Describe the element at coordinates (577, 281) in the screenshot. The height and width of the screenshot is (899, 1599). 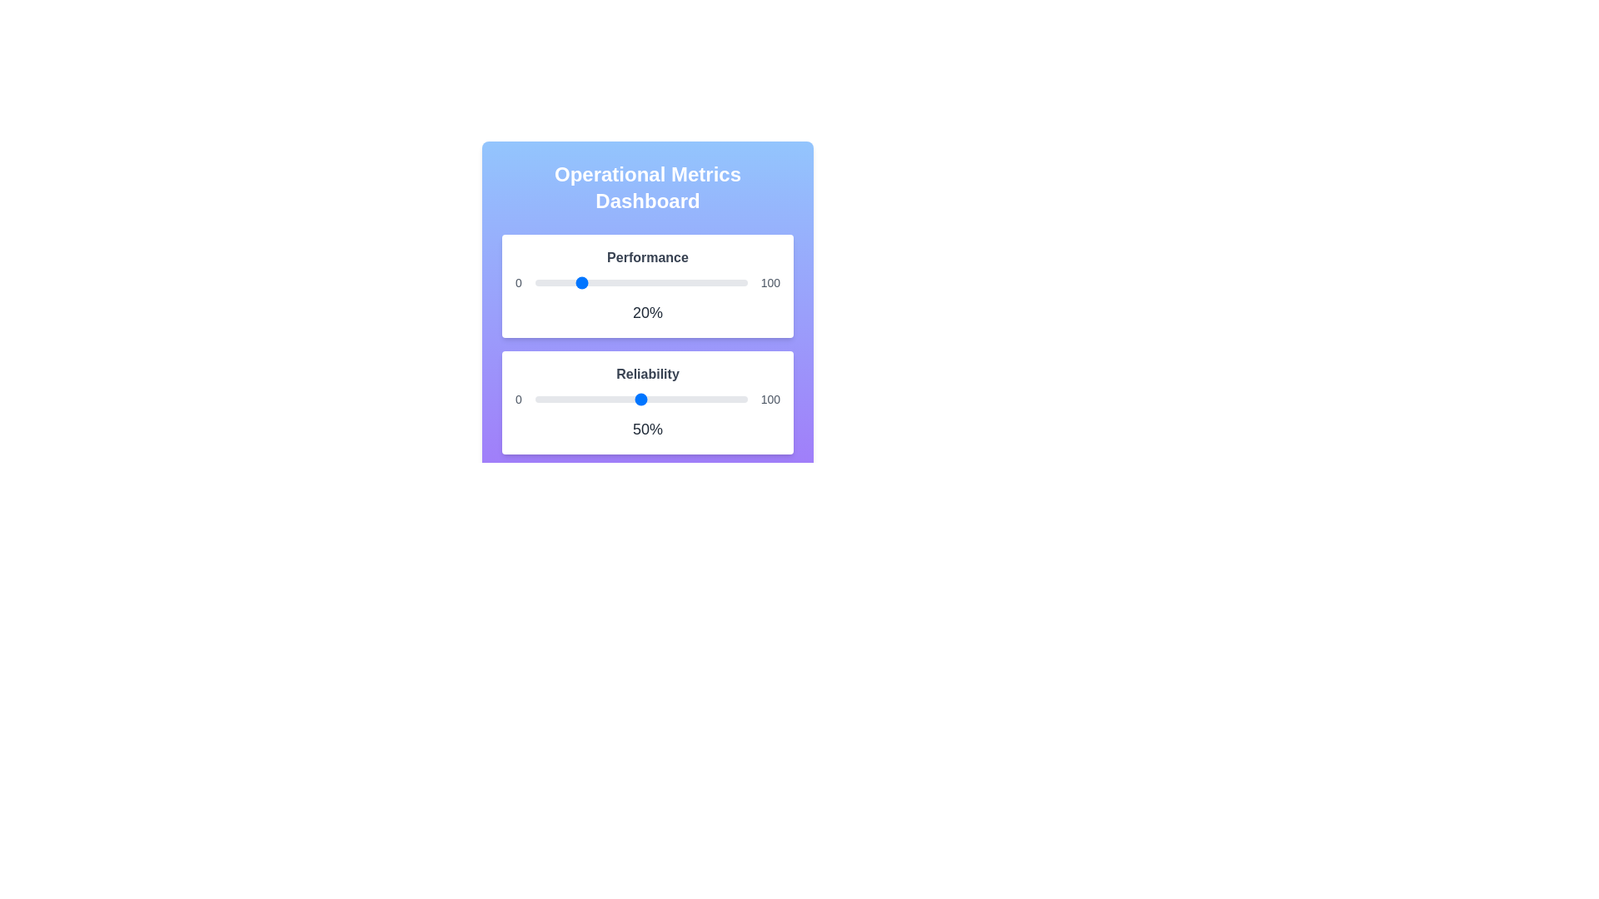
I see `the slider value` at that location.